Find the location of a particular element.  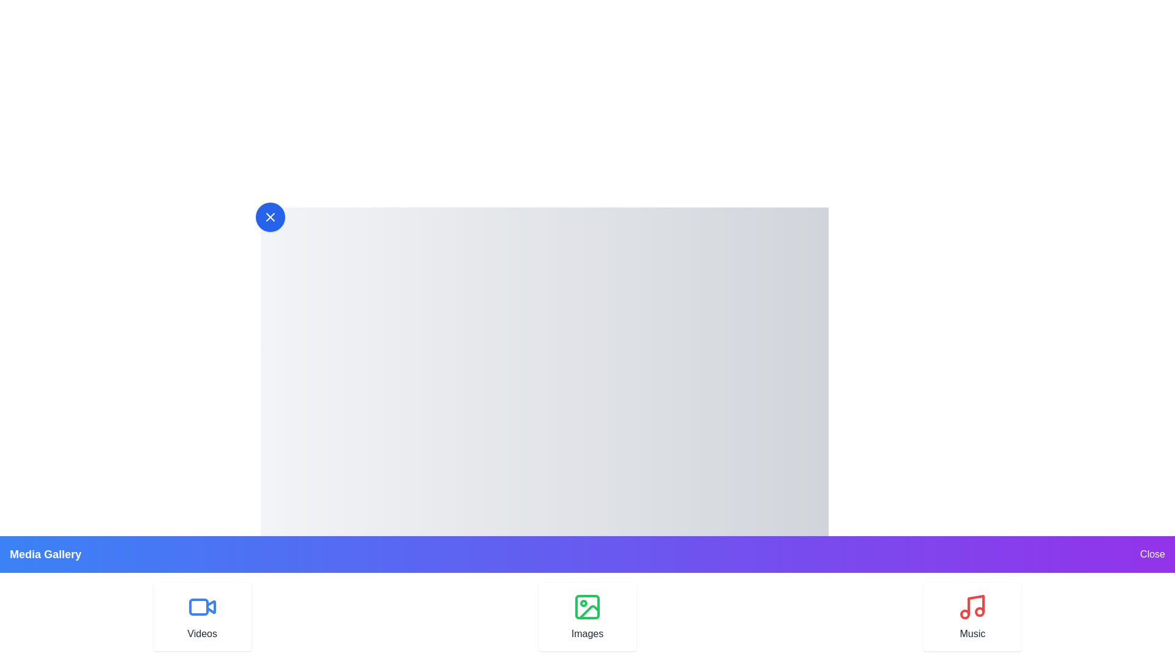

toggle button at the top-left corner of the MultimediaDrawer to toggle its open/close state is located at coordinates (269, 216).